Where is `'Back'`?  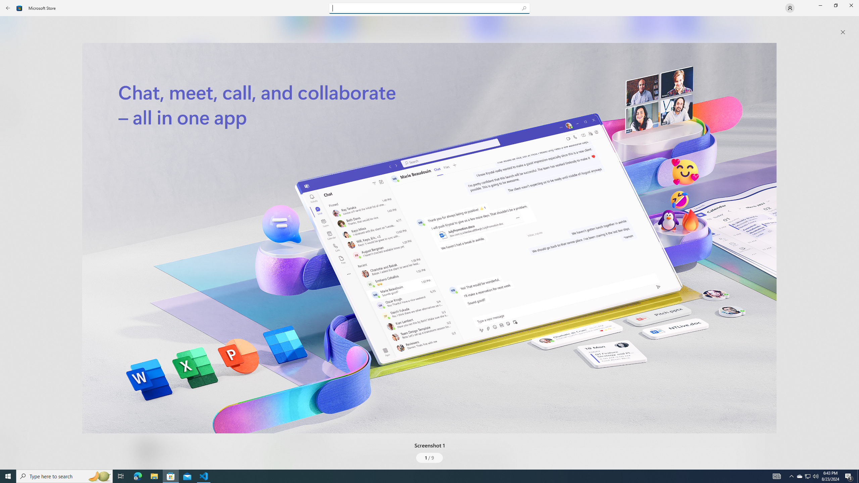 'Back' is located at coordinates (8, 7).